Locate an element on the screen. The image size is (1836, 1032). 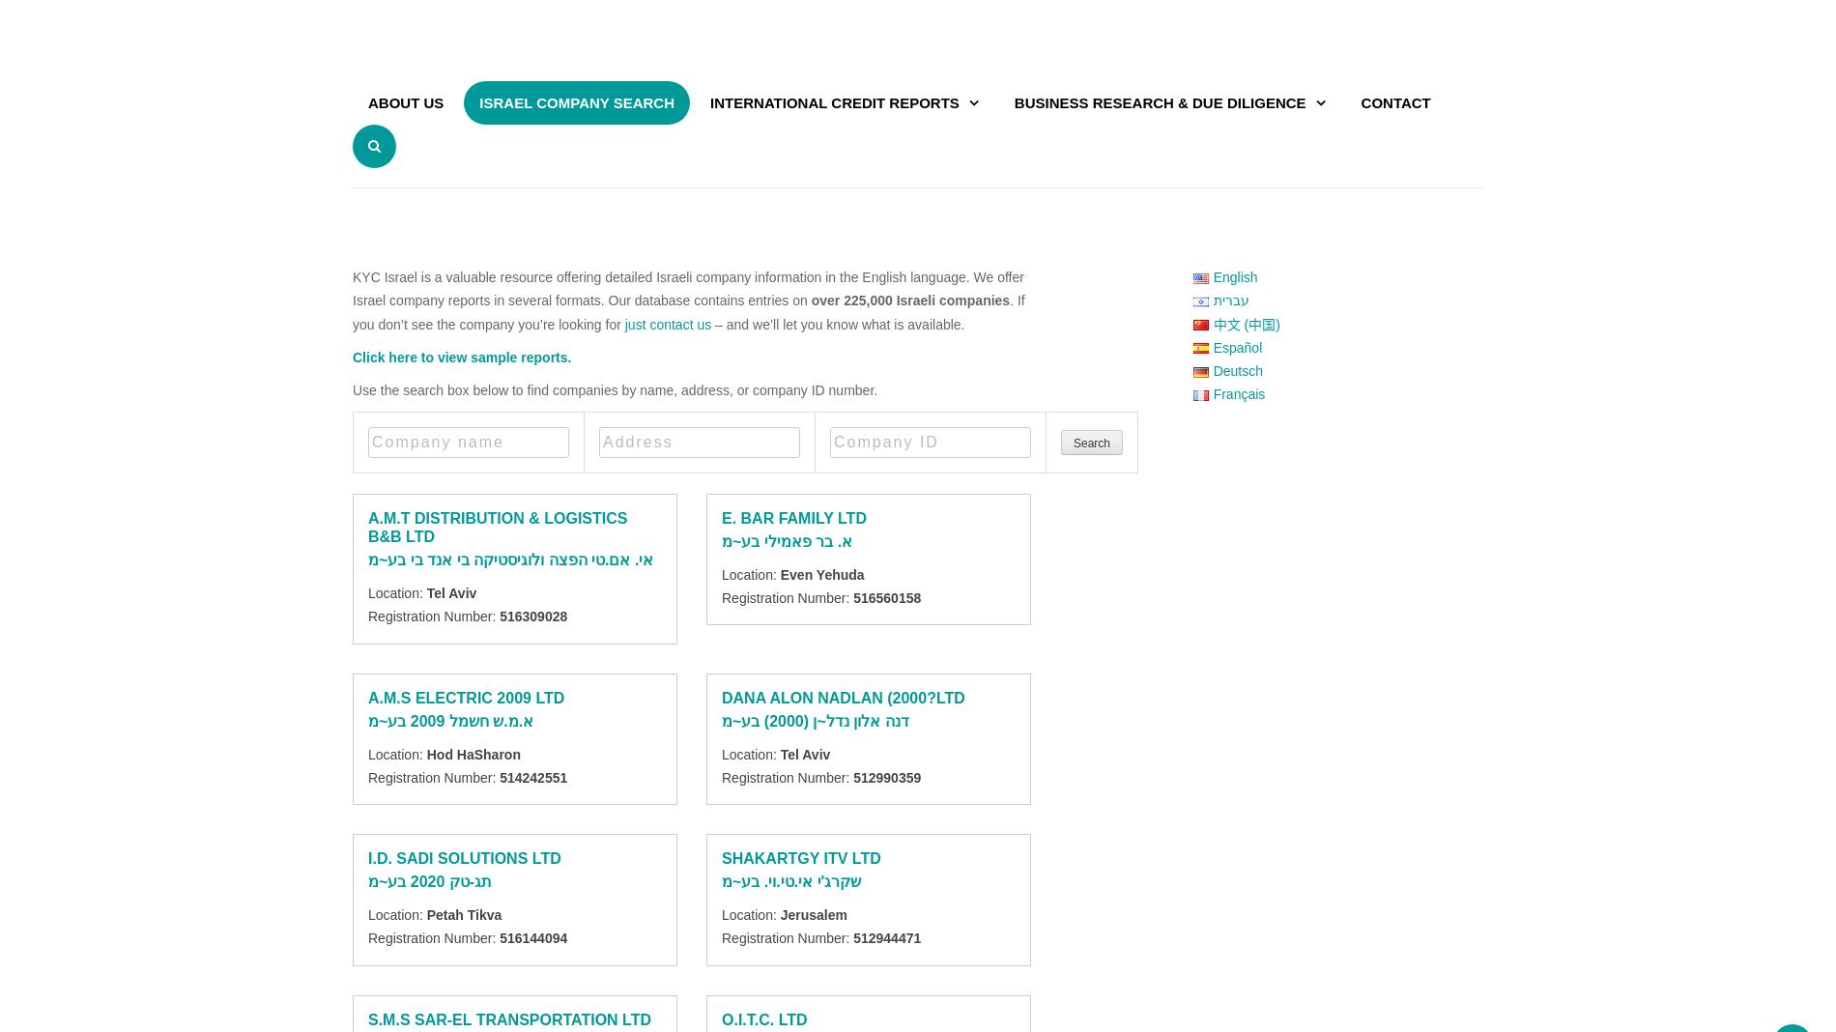
'KYC Israel is a valuable resource offering detailed Israeli company information in the English language. We offer Israel company reports in several formats. Our database contains entries on' is located at coordinates (687, 288).